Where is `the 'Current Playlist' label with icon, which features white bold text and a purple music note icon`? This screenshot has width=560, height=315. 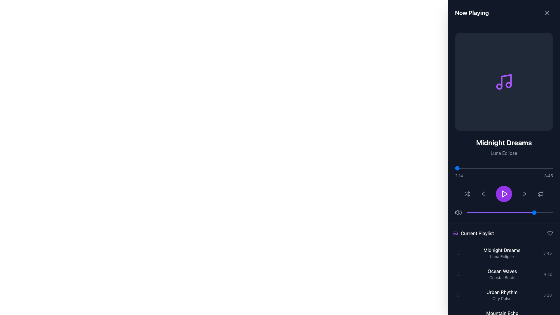
the 'Current Playlist' label with icon, which features white bold text and a purple music note icon is located at coordinates (473, 233).